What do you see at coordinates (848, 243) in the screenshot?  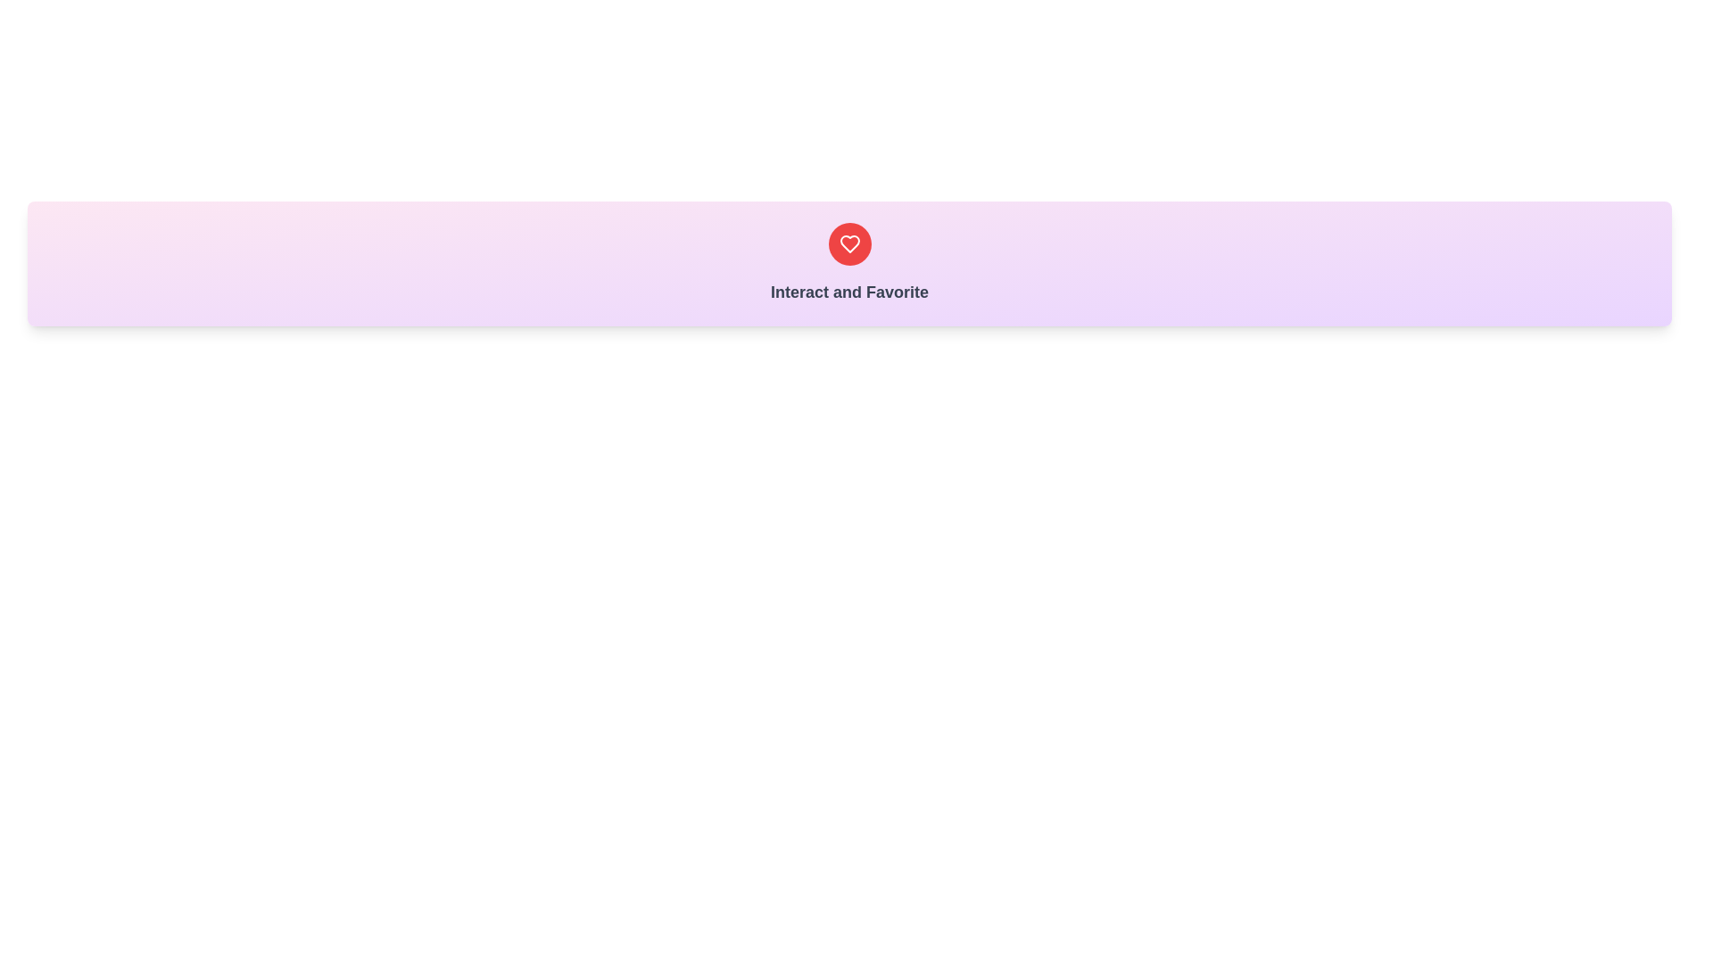 I see `the 'favorite' icon, which is centrally located within a red circular background` at bounding box center [848, 243].